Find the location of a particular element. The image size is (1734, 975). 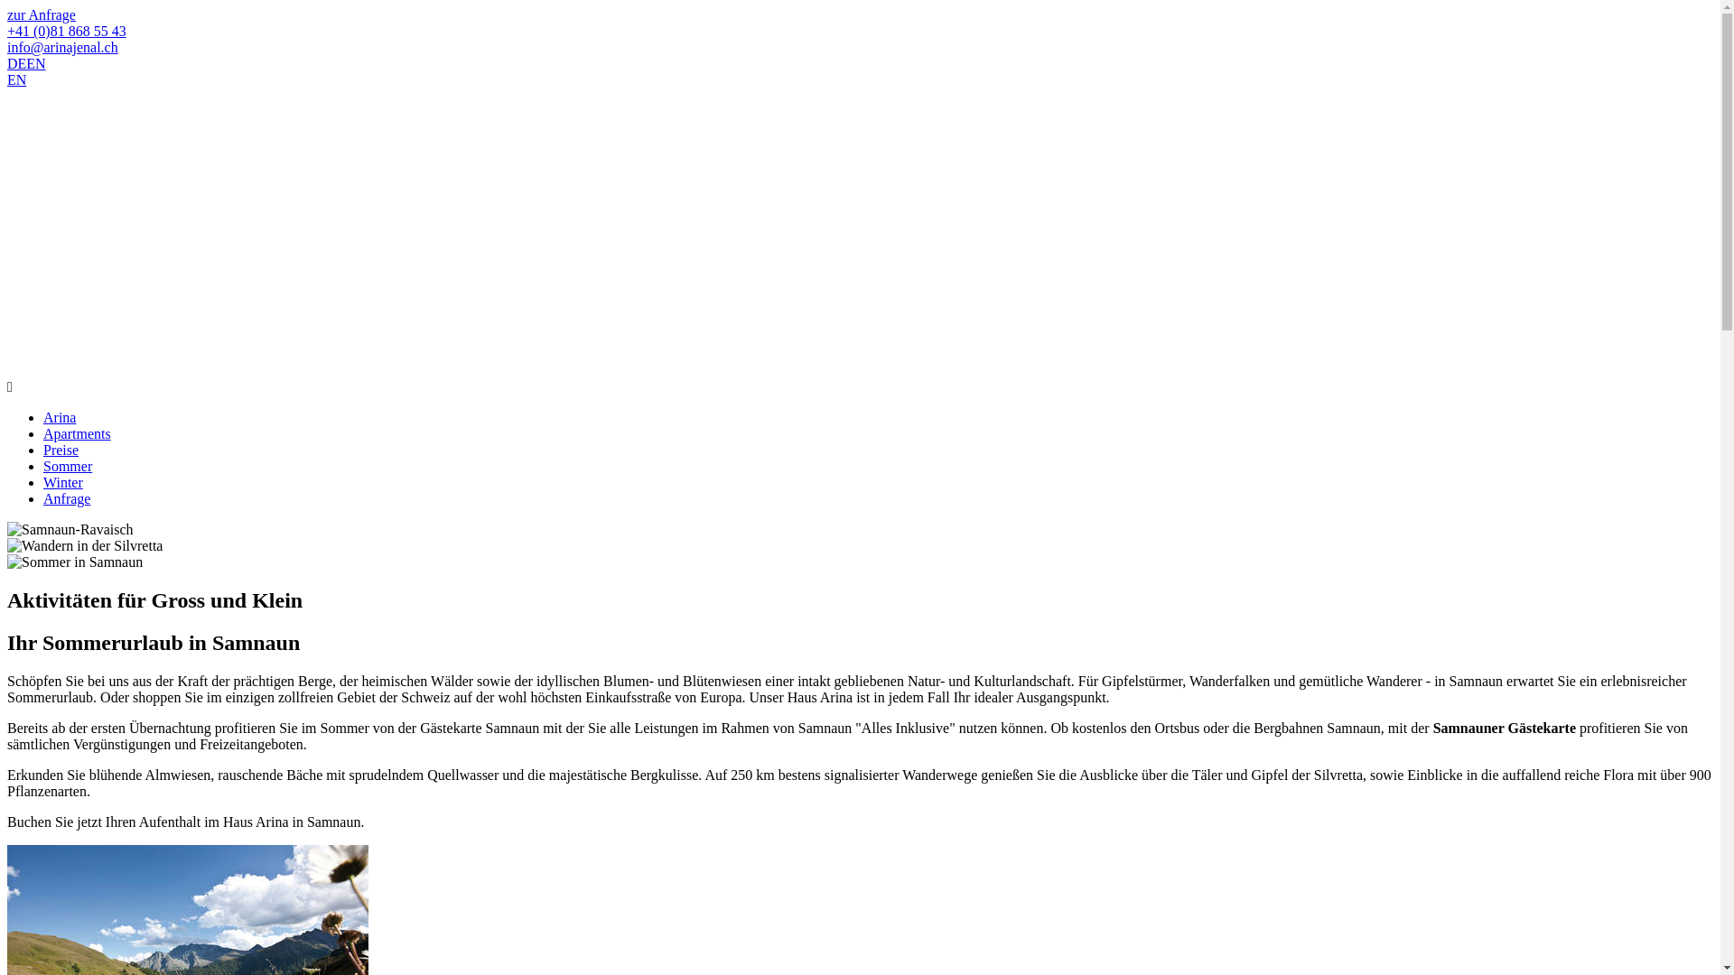

' Sommer in Samnaun' is located at coordinates (73, 562).